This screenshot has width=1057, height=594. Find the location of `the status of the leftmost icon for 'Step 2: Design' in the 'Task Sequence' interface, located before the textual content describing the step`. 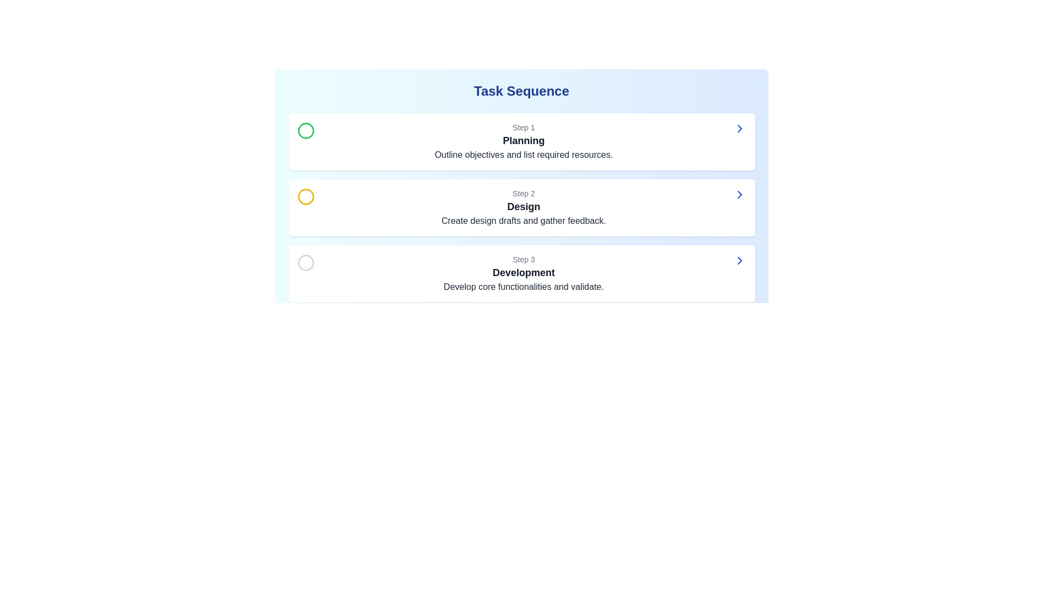

the status of the leftmost icon for 'Step 2: Design' in the 'Task Sequence' interface, located before the textual content describing the step is located at coordinates (306, 196).